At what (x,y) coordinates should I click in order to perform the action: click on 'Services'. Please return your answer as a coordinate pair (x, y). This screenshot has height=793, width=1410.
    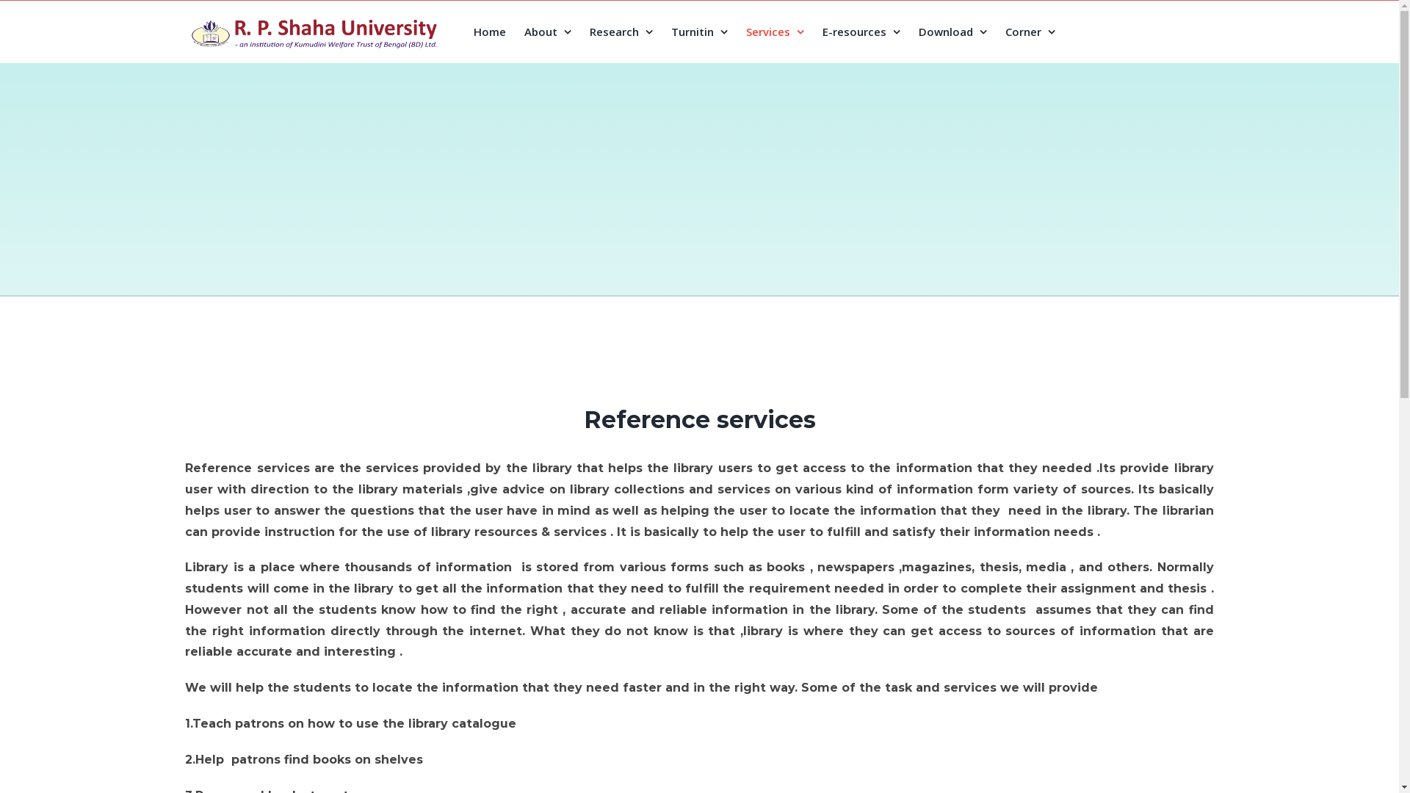
    Looking at the image, I should click on (774, 31).